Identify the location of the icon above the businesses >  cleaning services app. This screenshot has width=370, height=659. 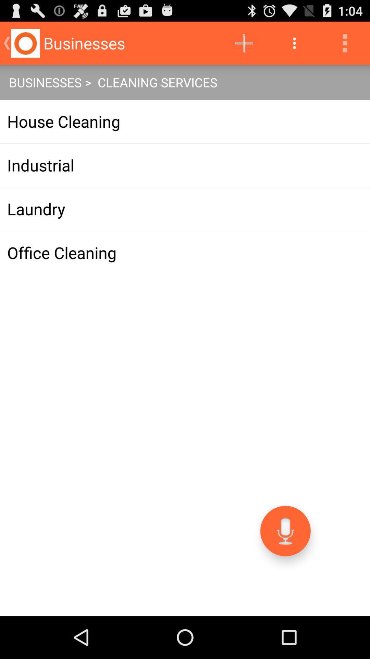
(345, 43).